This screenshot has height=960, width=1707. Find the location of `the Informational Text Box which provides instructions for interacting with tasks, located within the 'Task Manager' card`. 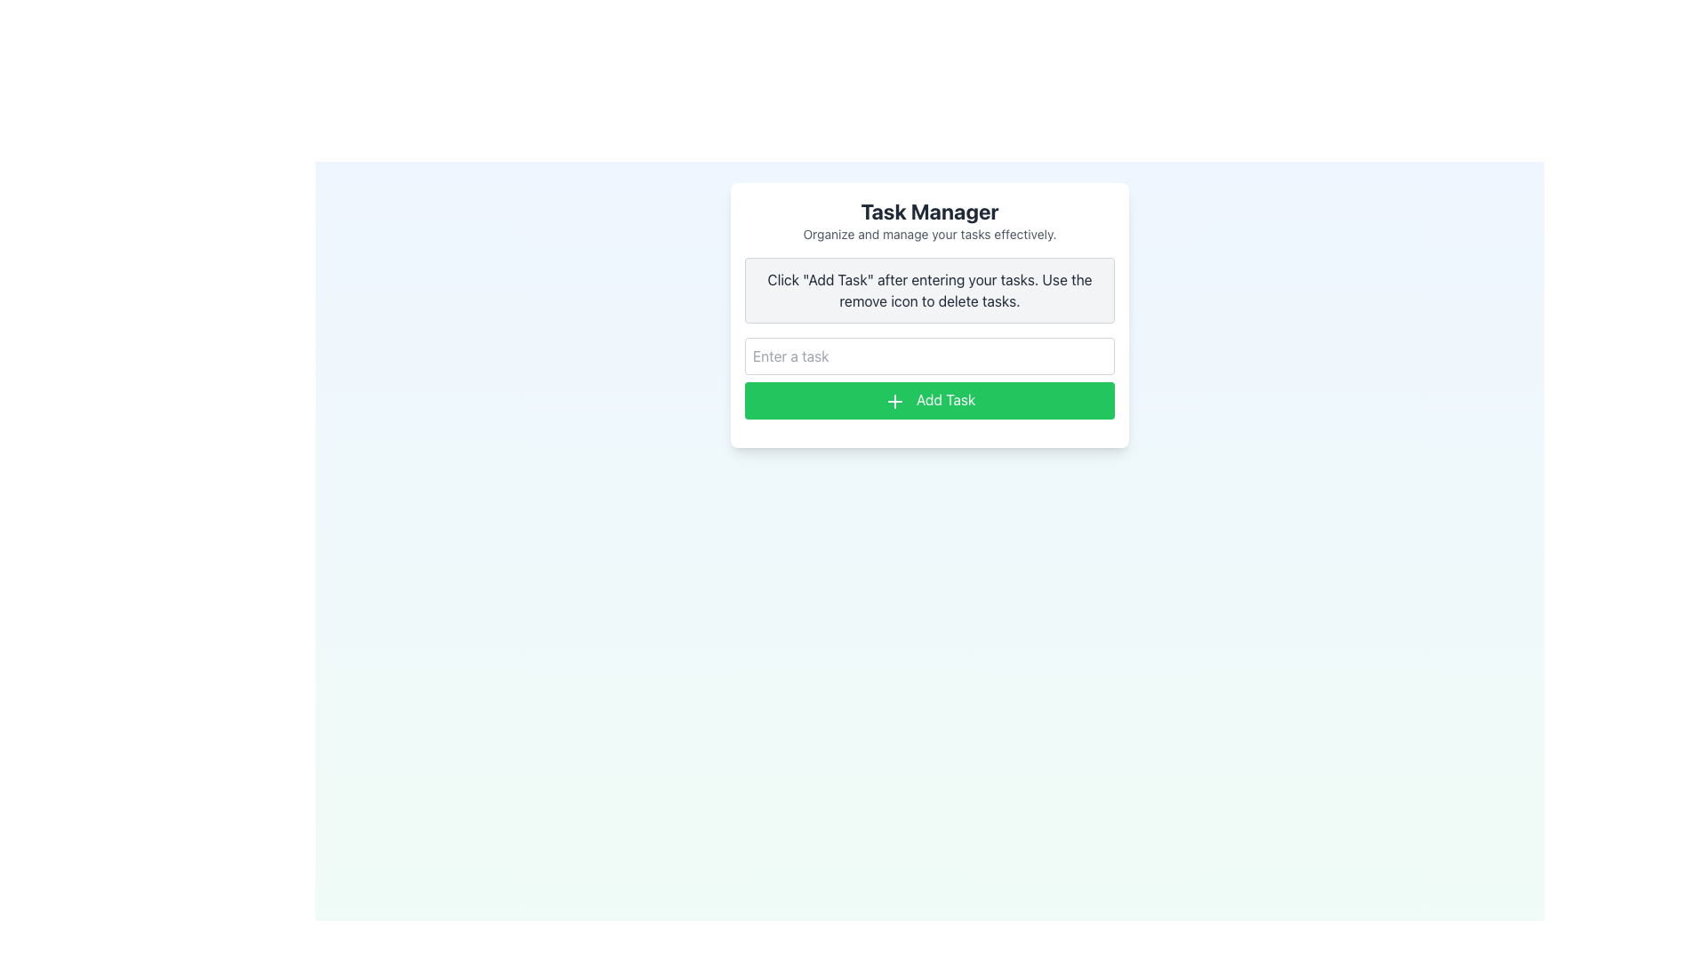

the Informational Text Box which provides instructions for interacting with tasks, located within the 'Task Manager' card is located at coordinates (929, 290).